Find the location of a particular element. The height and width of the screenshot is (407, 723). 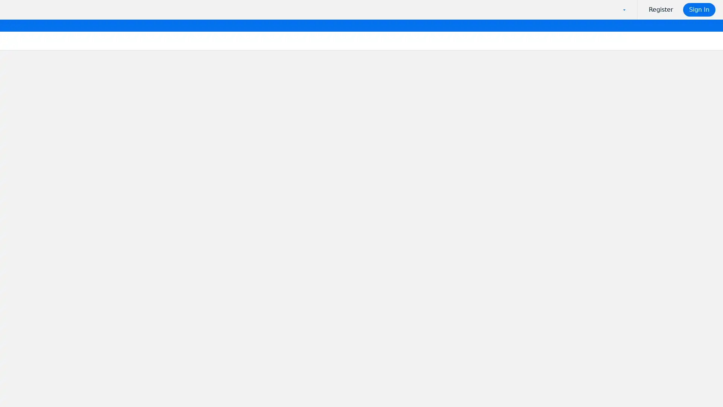

Cookie Preferences is located at coordinates (511, 384).